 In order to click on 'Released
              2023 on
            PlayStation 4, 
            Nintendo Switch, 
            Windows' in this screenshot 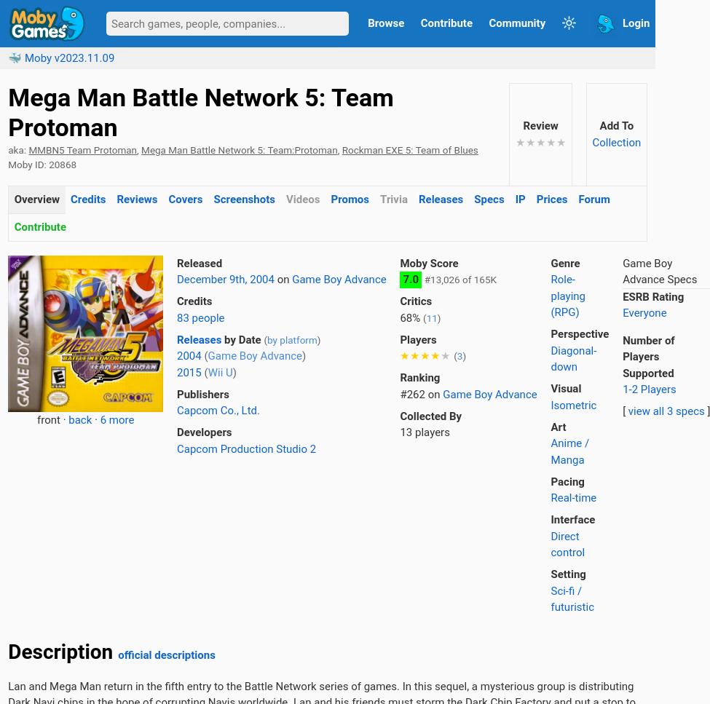, I will do `click(386, 554)`.